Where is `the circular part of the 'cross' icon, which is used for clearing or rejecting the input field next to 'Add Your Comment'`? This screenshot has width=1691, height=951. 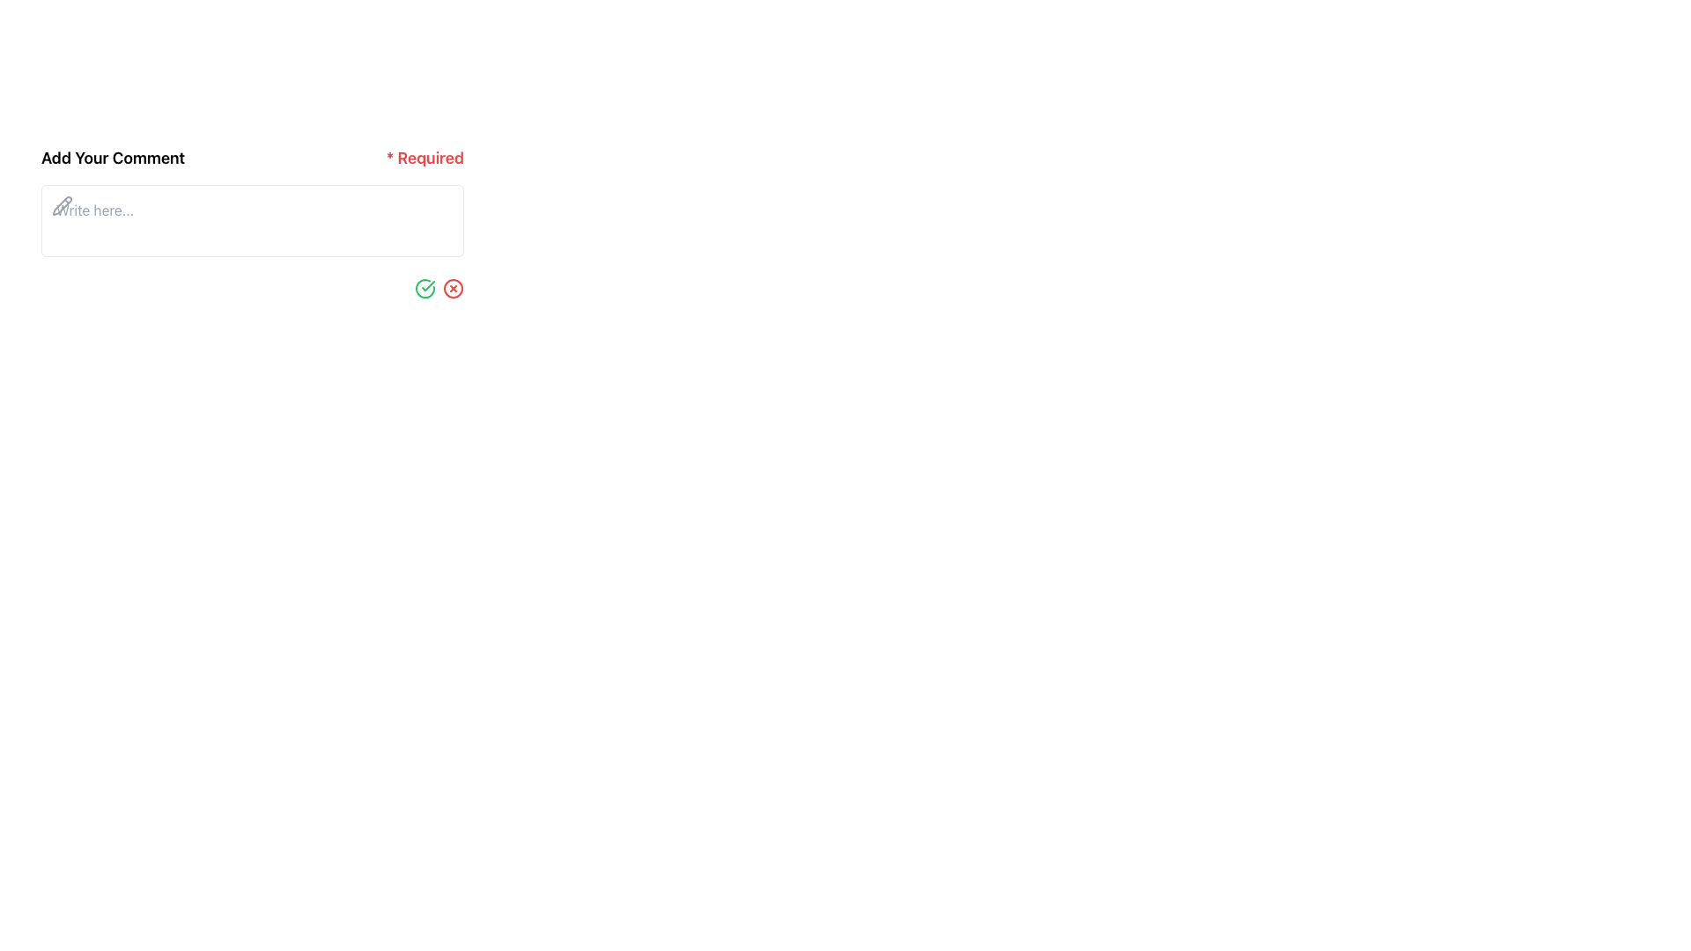 the circular part of the 'cross' icon, which is used for clearing or rejecting the input field next to 'Add Your Comment' is located at coordinates (453, 287).